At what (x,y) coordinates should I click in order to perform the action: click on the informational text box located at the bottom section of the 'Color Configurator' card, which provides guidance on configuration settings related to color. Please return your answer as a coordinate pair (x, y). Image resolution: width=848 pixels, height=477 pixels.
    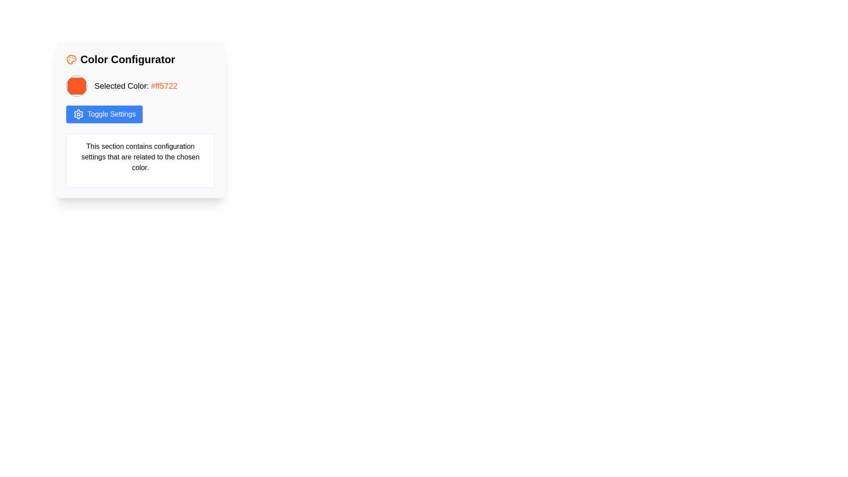
    Looking at the image, I should click on (140, 160).